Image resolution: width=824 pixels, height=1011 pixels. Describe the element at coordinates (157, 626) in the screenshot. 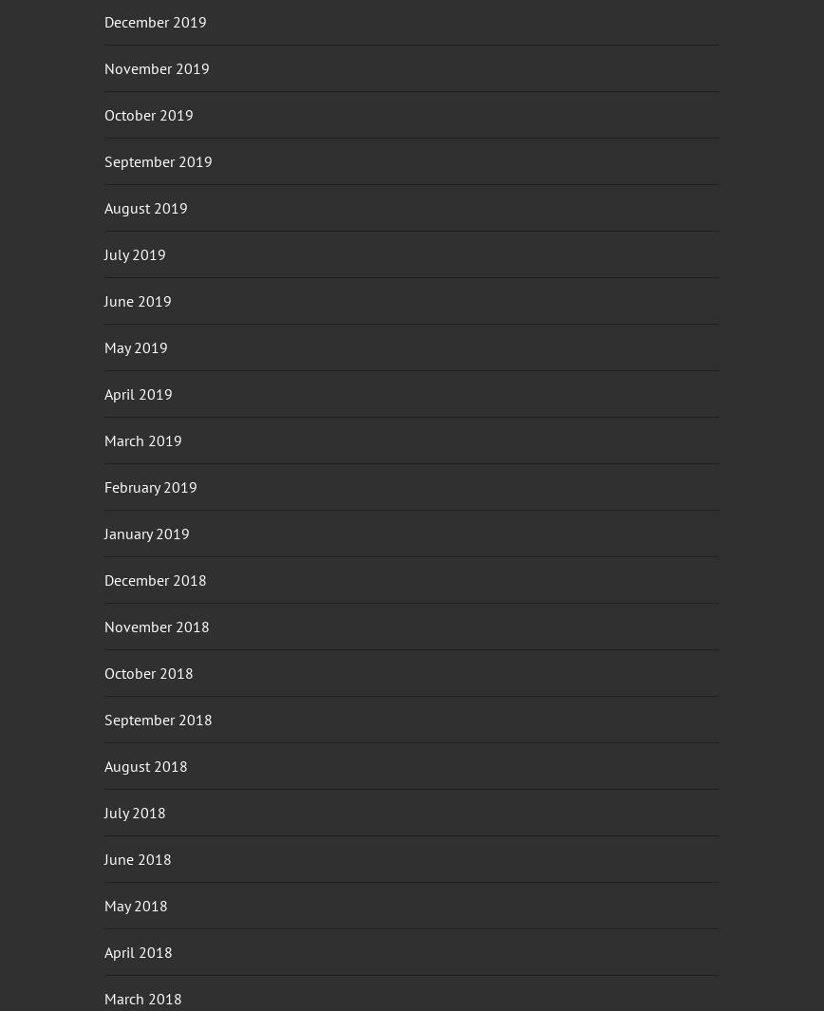

I see `'November 2018'` at that location.